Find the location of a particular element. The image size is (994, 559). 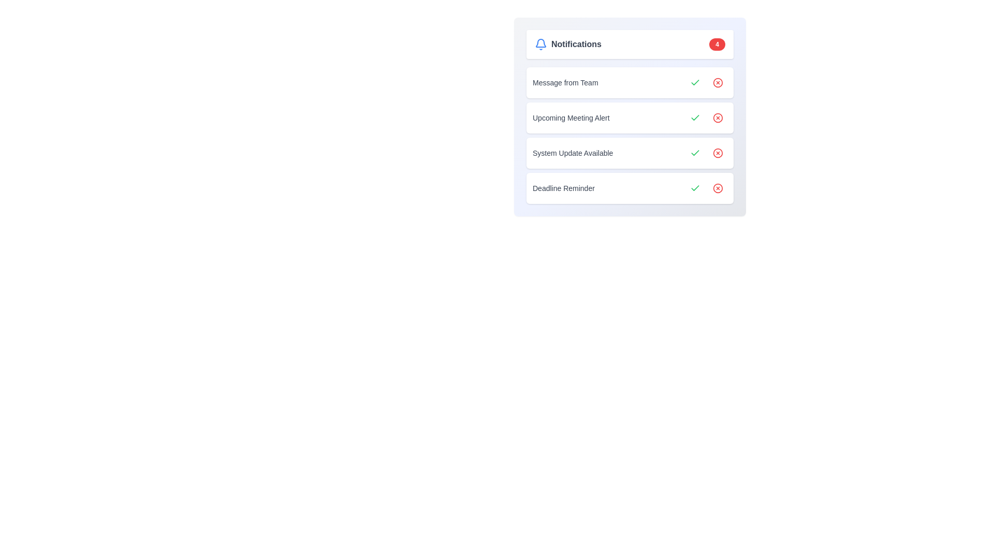

the 'Upcoming Meeting Alert' notification card, which is the second item in the notifications list, located between 'Message from Team' and 'System Update Available' is located at coordinates (630, 116).